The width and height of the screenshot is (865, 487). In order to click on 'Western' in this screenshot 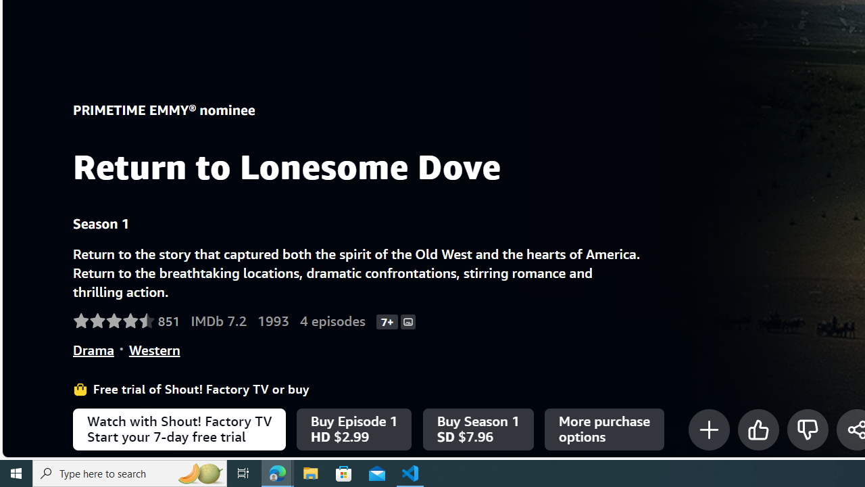, I will do `click(154, 349)`.